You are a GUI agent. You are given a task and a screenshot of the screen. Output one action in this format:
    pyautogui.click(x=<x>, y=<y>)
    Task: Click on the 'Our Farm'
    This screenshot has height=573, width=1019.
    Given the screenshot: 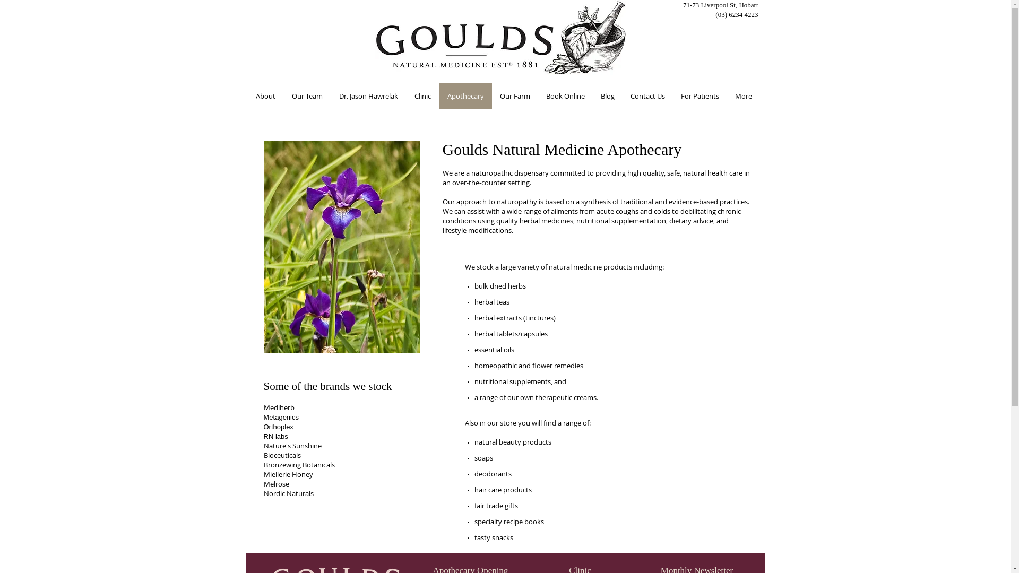 What is the action you would take?
    pyautogui.click(x=514, y=96)
    